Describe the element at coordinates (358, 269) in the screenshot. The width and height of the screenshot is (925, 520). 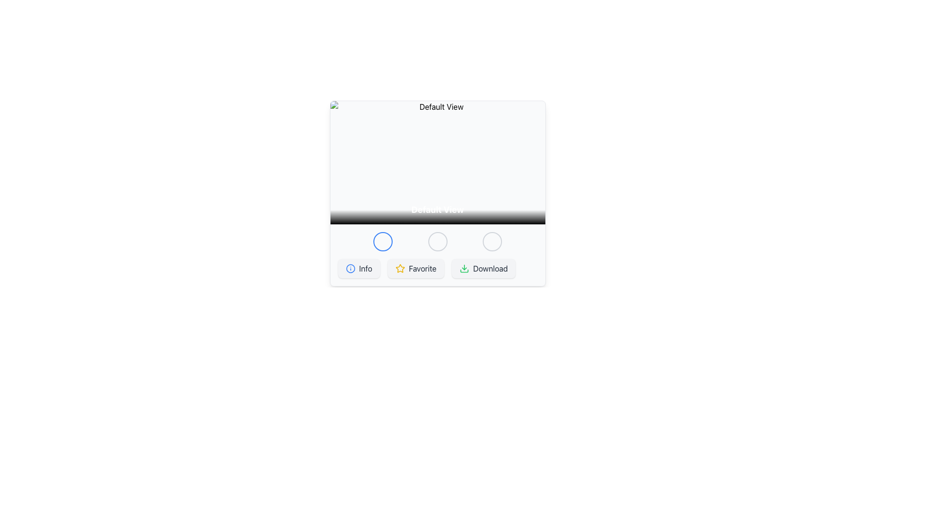
I see `the 'Info' button, which is the first button in a horizontal flexbox containing three buttons. It features a blue information icon, black text, rounded corners, and a light gray background` at that location.